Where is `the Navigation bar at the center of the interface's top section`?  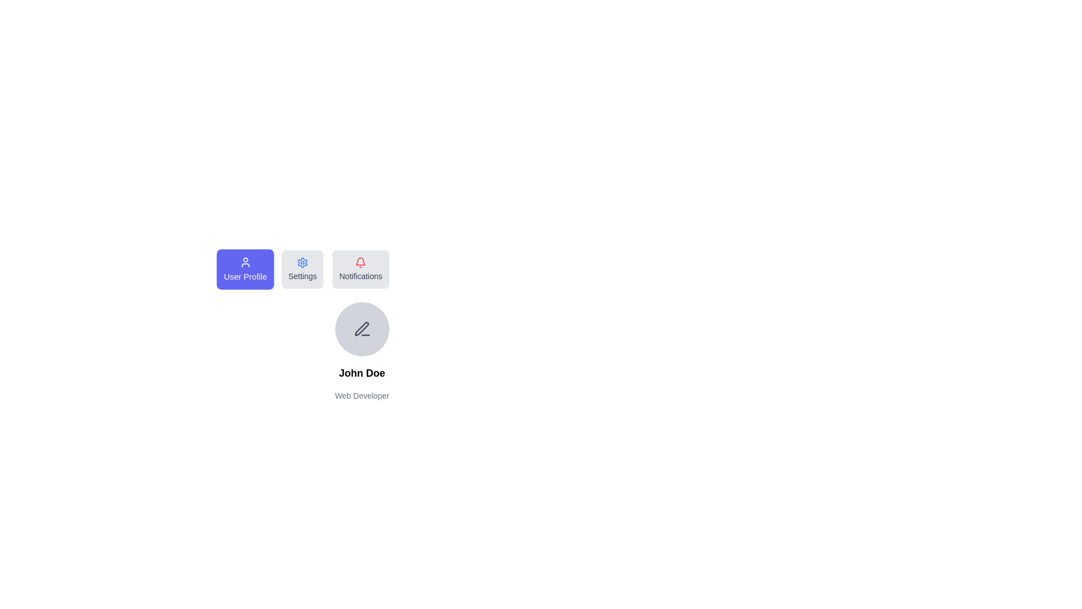 the Navigation bar at the center of the interface's top section is located at coordinates (362, 270).